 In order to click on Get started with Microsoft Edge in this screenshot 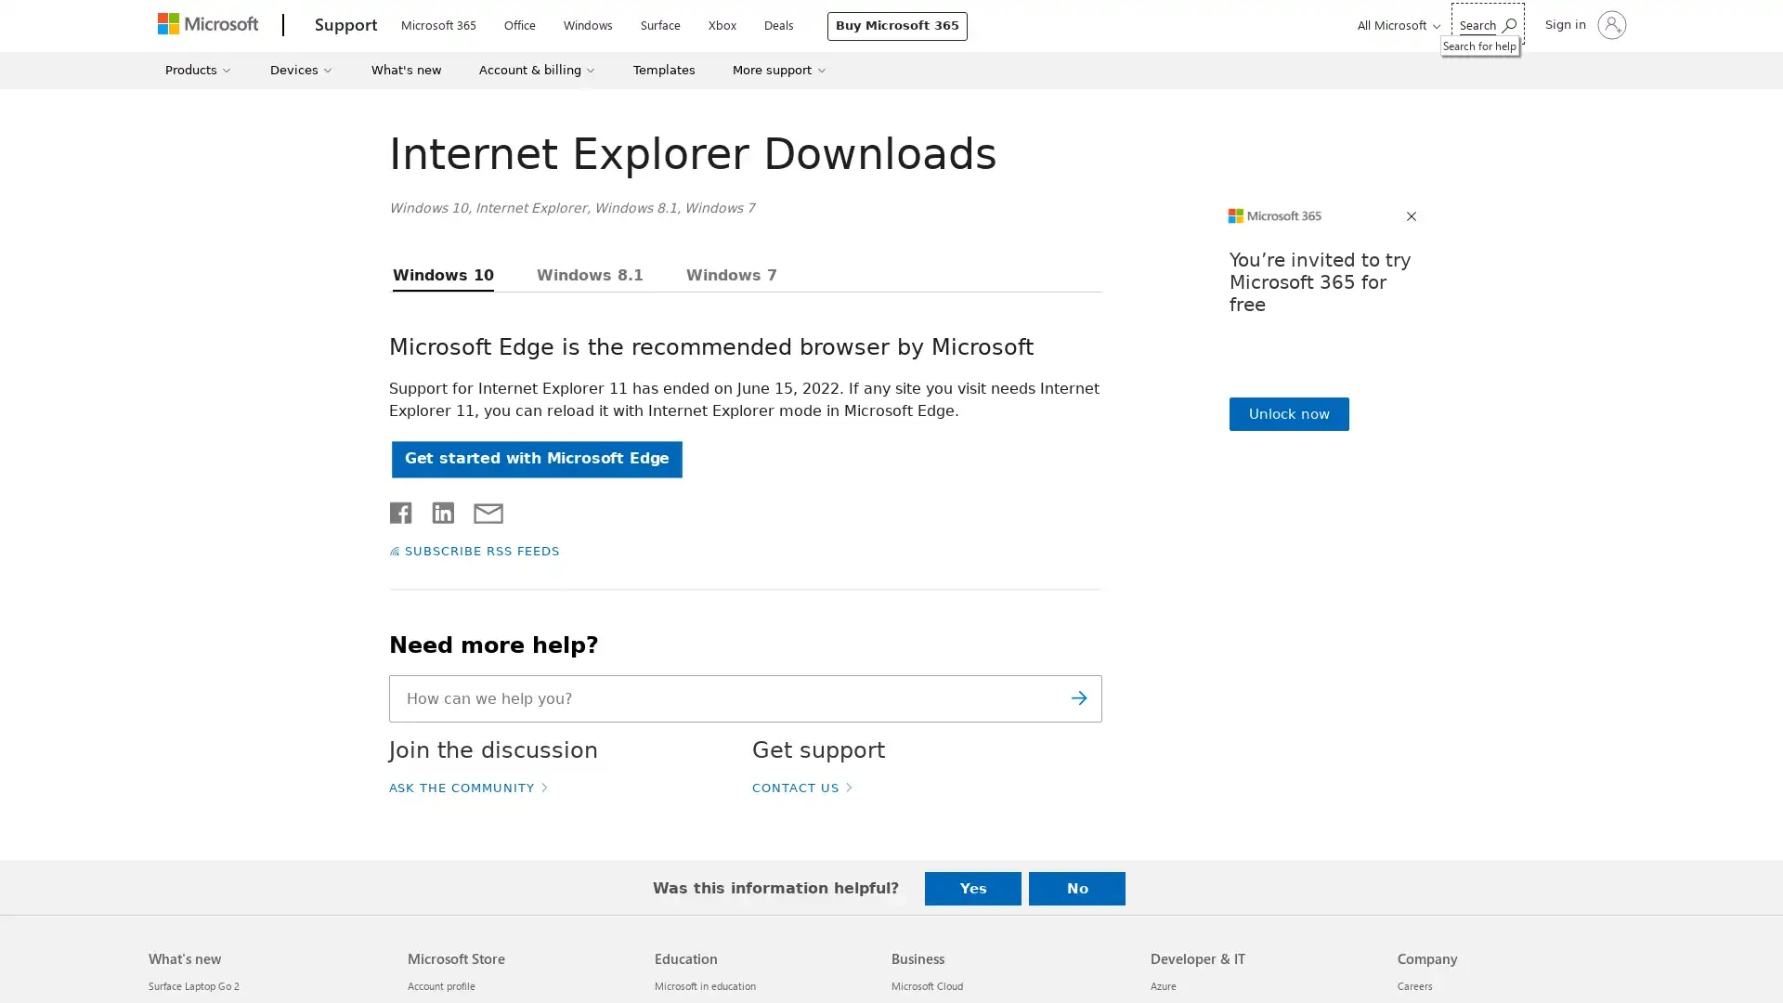, I will do `click(535, 459)`.